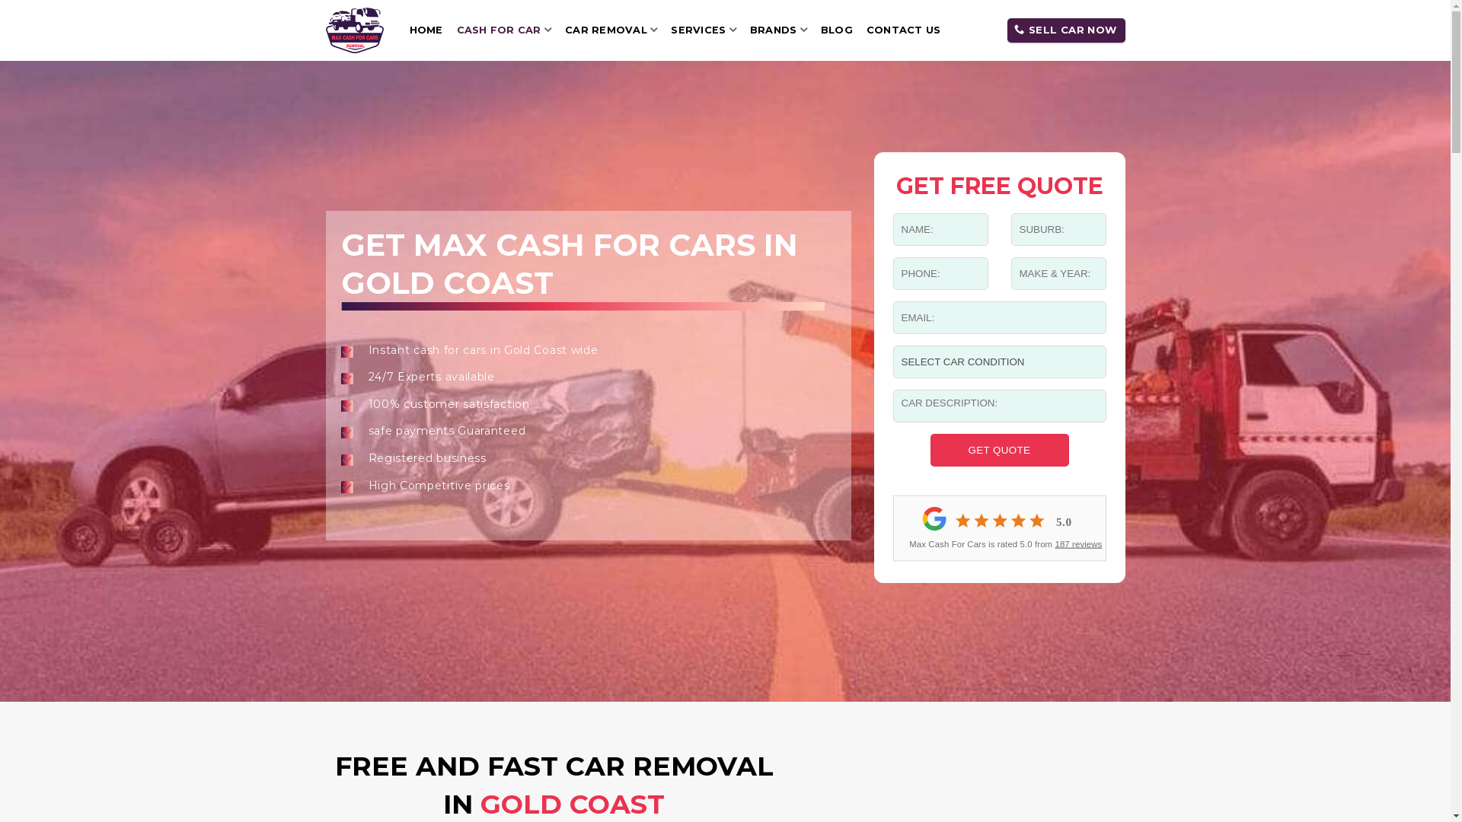 This screenshot has height=822, width=1462. I want to click on 'BRANDS', so click(778, 30).